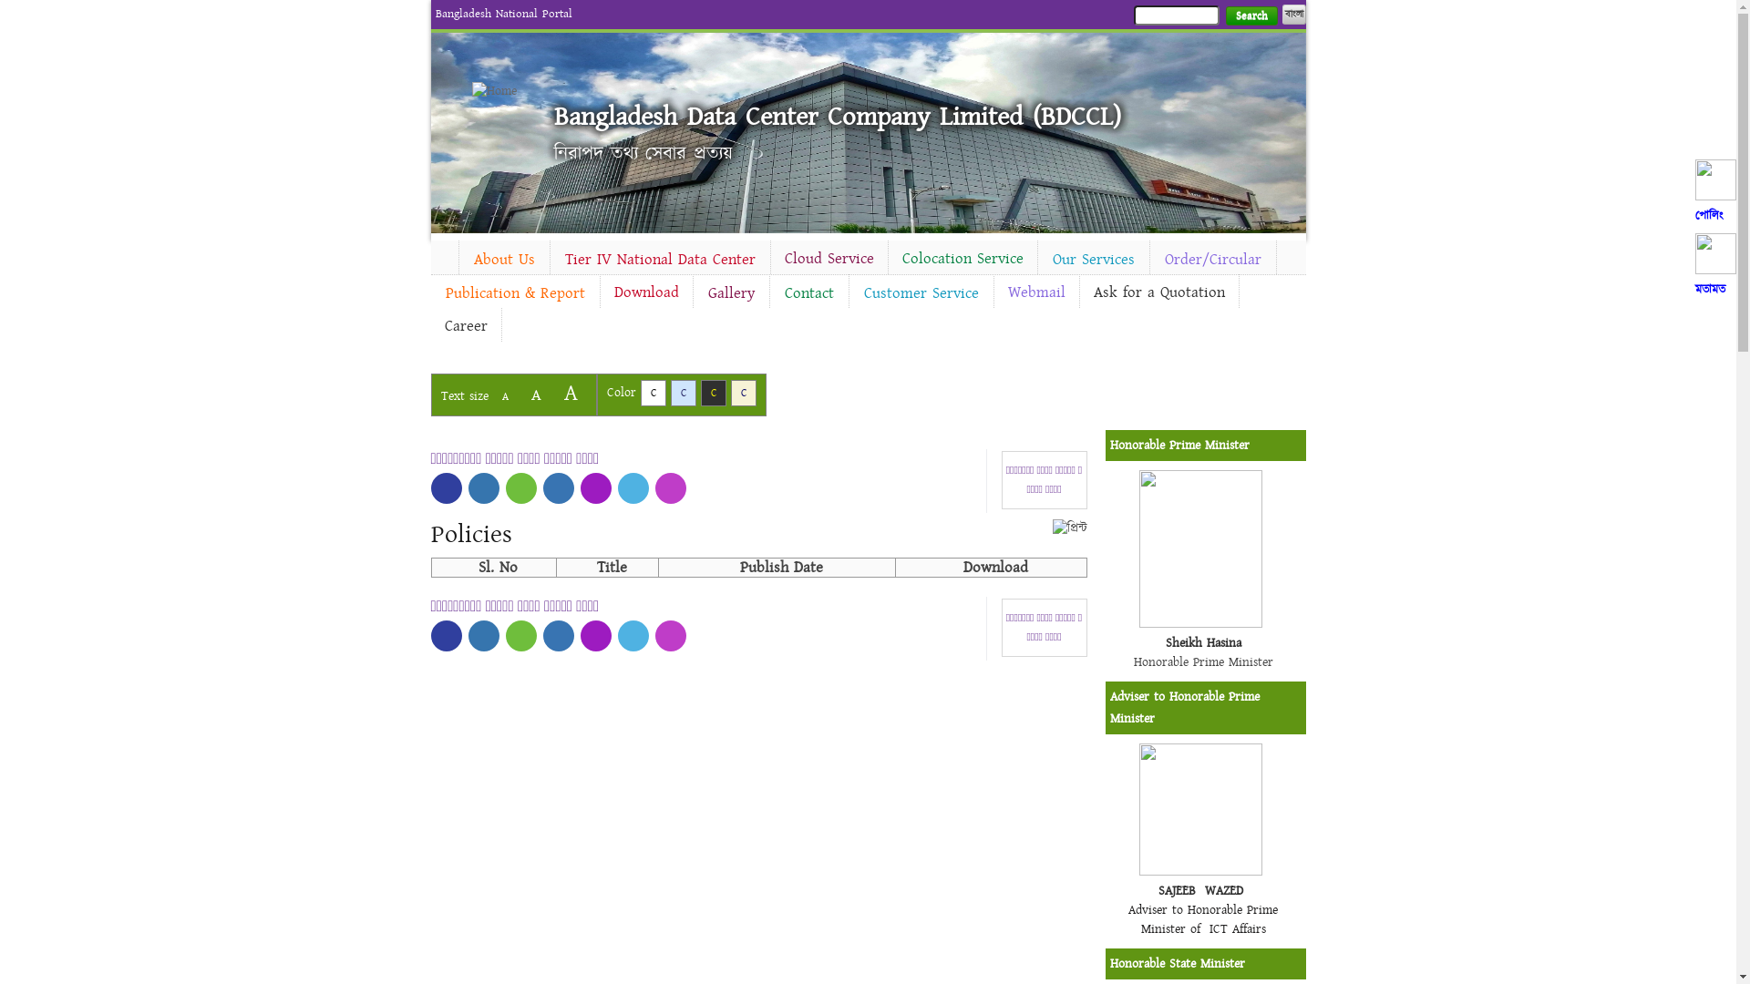 This screenshot has height=984, width=1750. I want to click on 'C', so click(744, 392).